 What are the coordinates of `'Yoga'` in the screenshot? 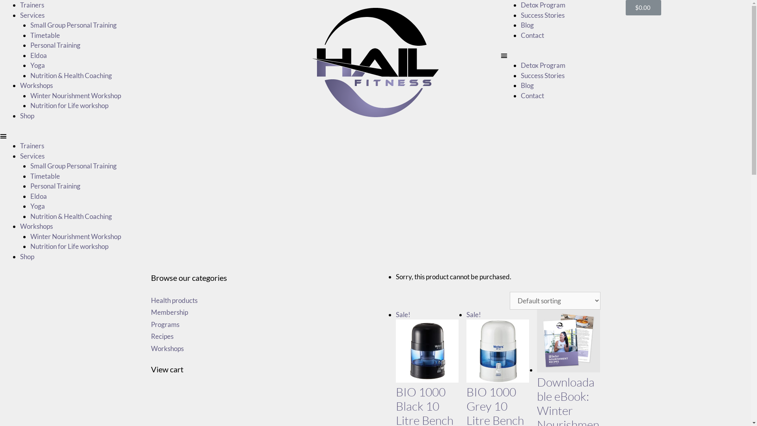 It's located at (30, 65).